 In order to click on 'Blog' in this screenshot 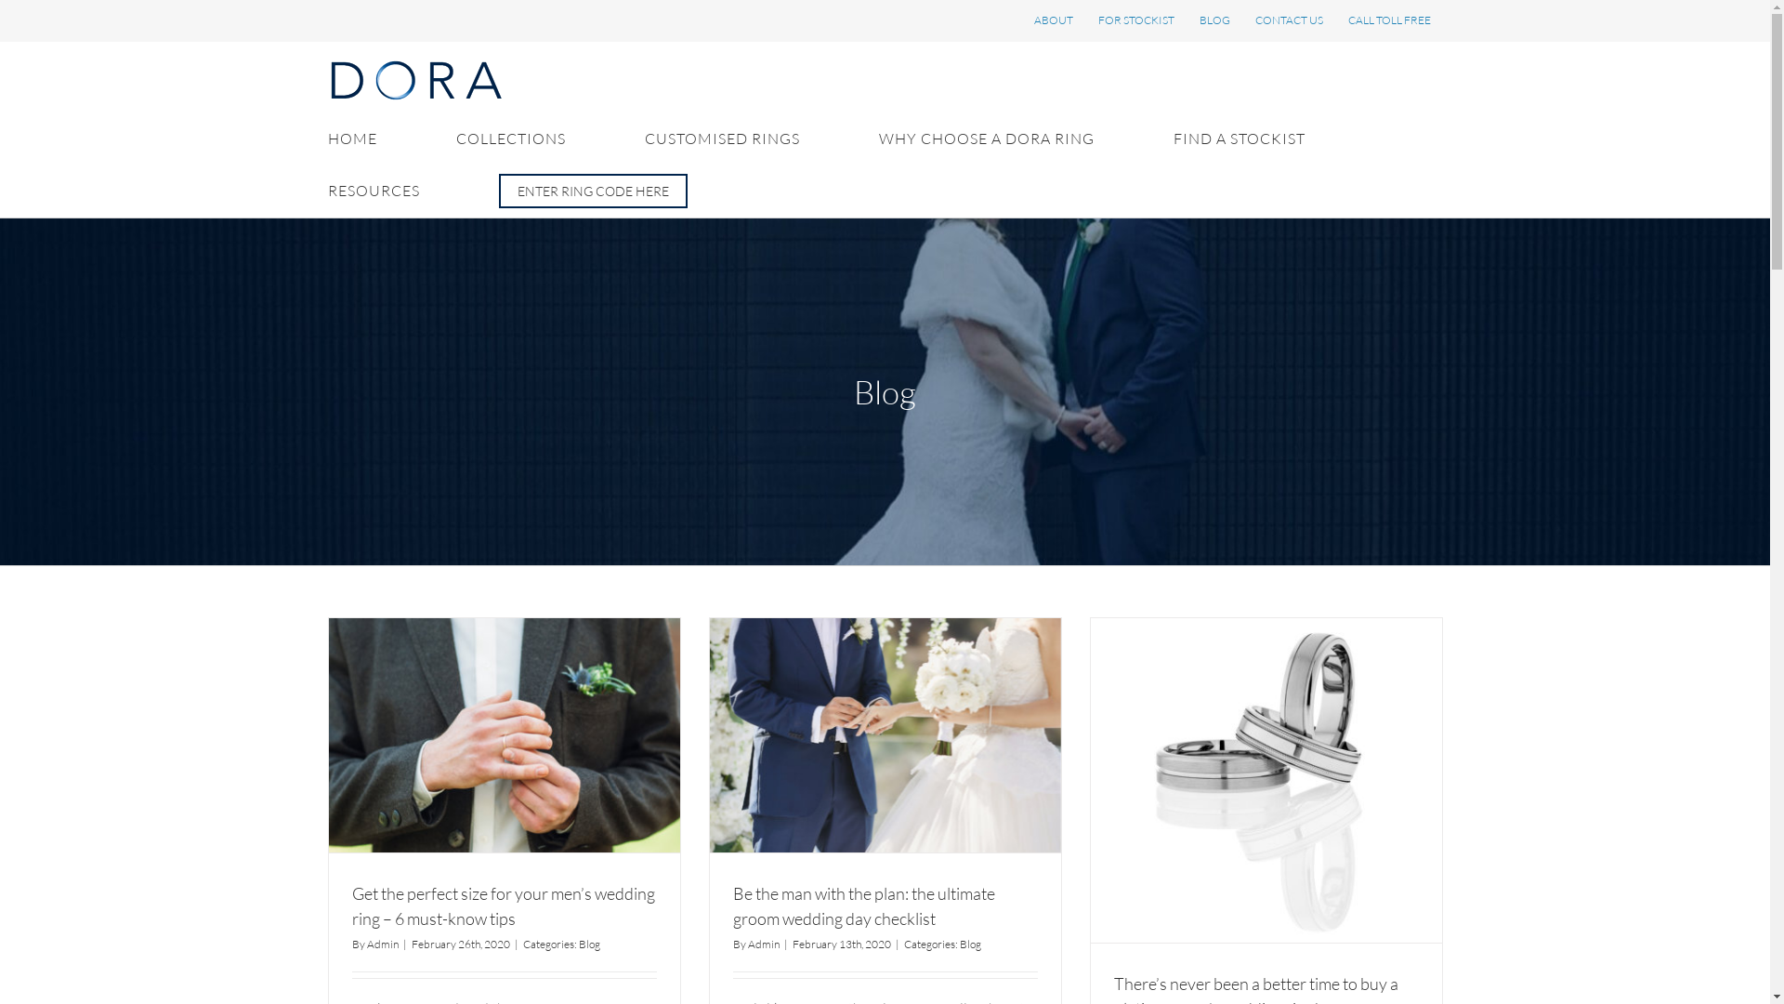, I will do `click(968, 944)`.